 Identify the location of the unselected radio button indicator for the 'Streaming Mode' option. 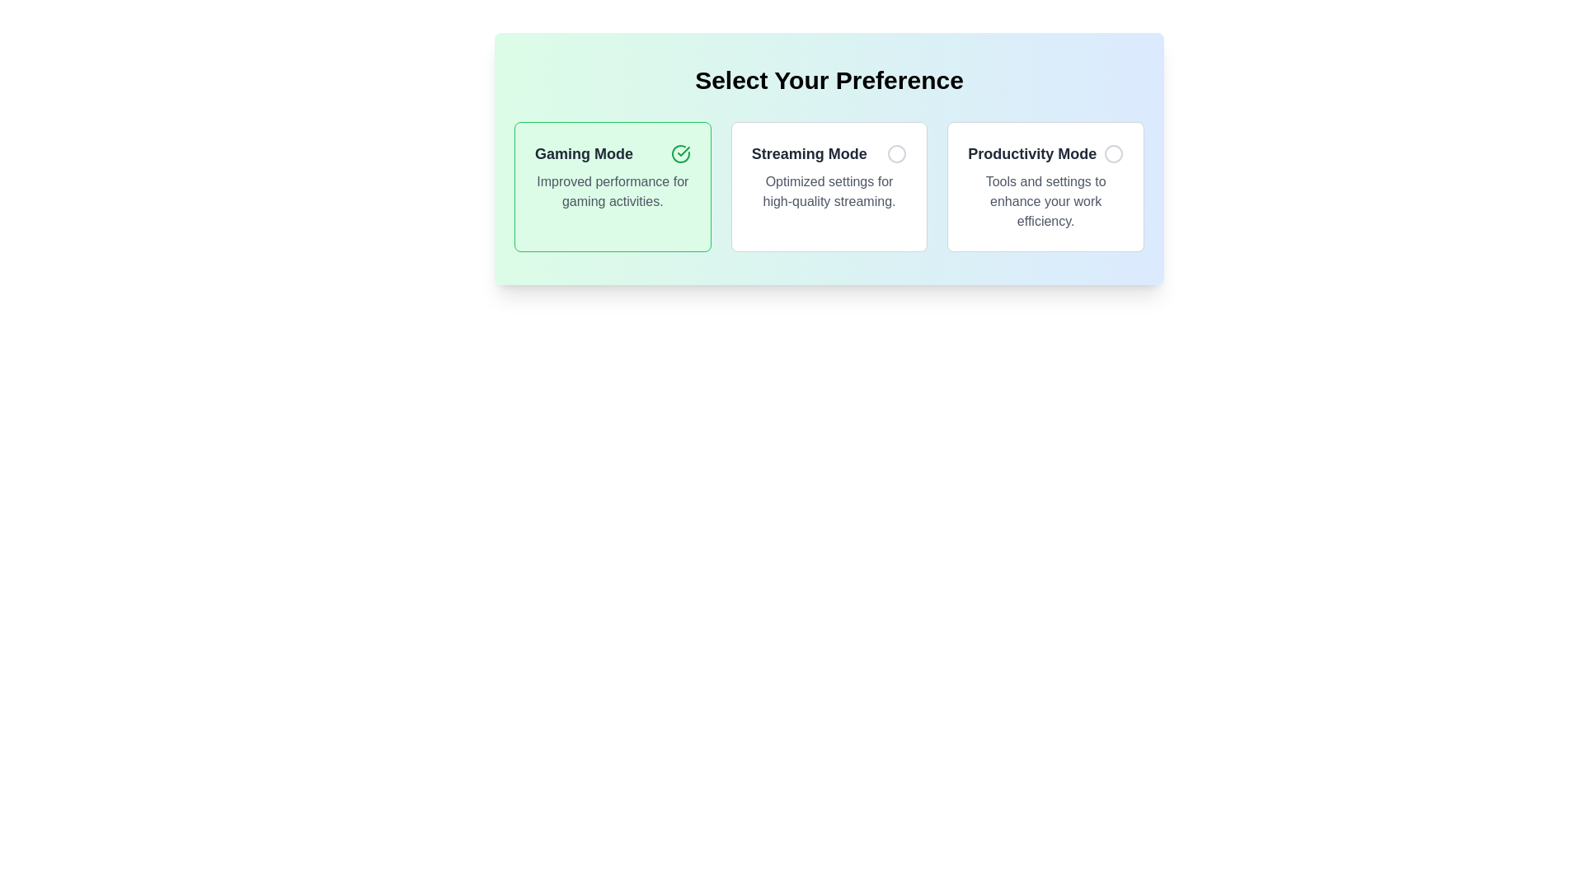
(896, 153).